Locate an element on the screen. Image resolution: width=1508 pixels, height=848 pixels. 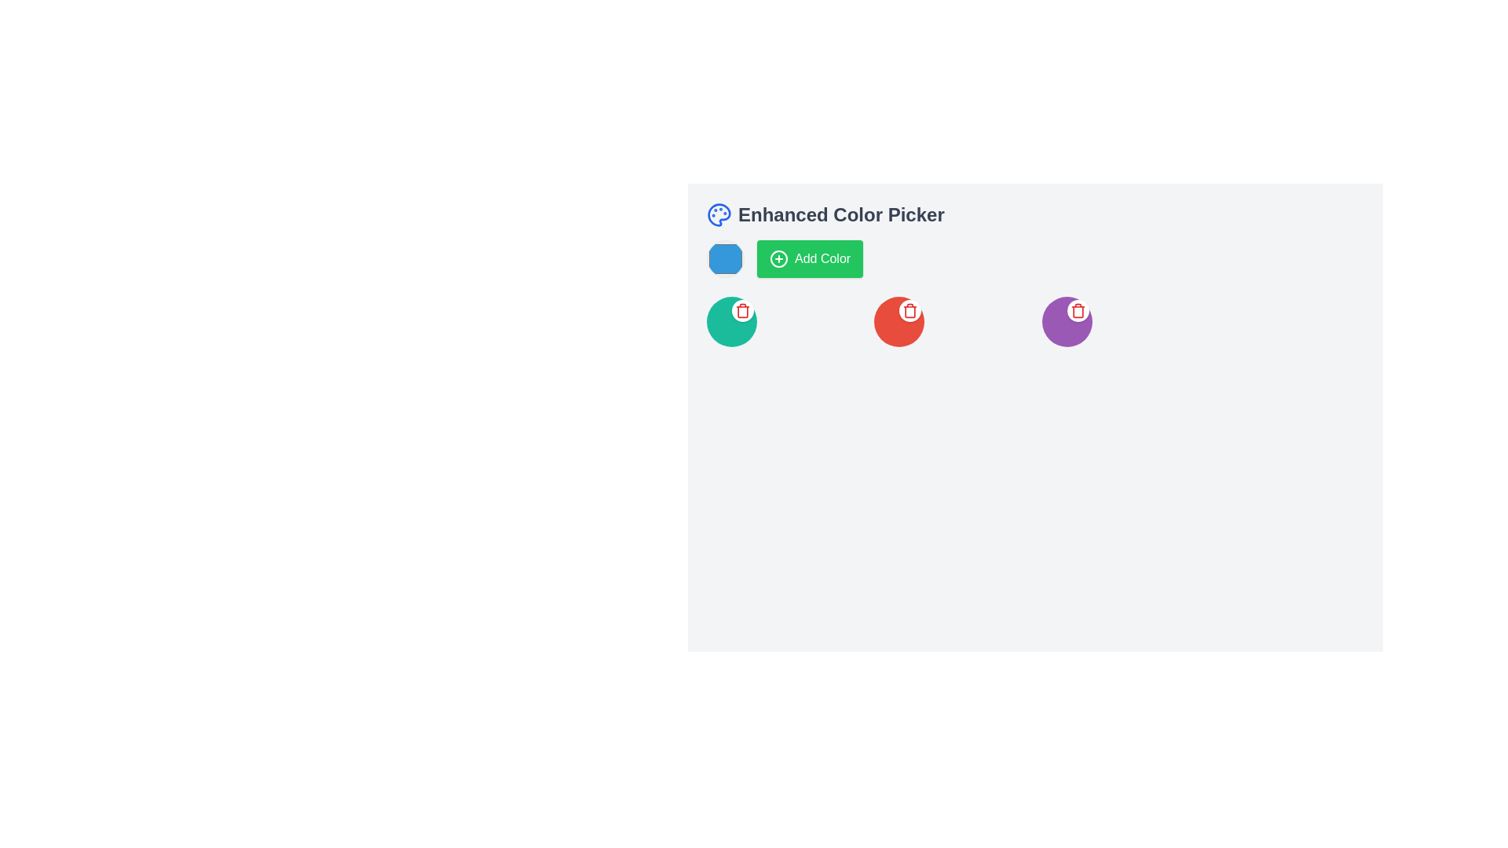
the third trash can icon in the purple circular button group, located beneath the 'Enhanced Color Picker' title and 'Add Color' button is located at coordinates (1077, 311).